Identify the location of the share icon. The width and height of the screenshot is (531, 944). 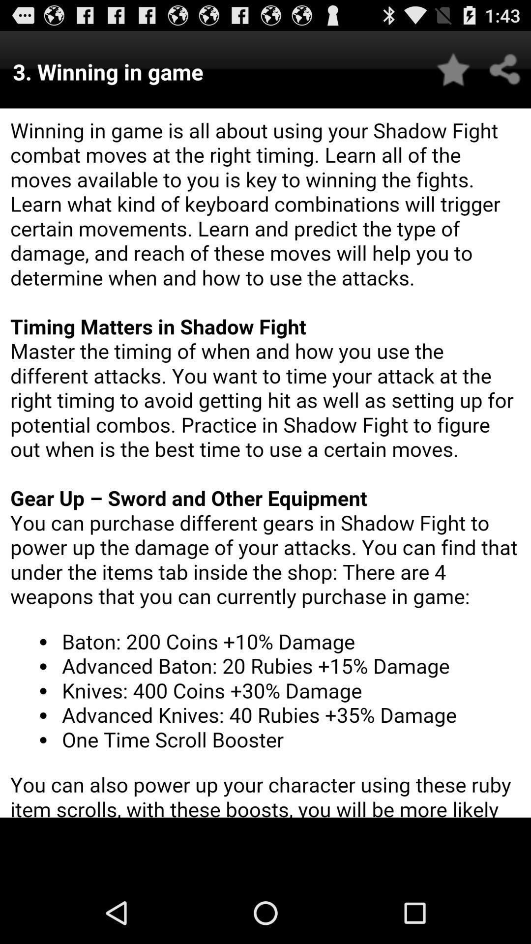
(505, 74).